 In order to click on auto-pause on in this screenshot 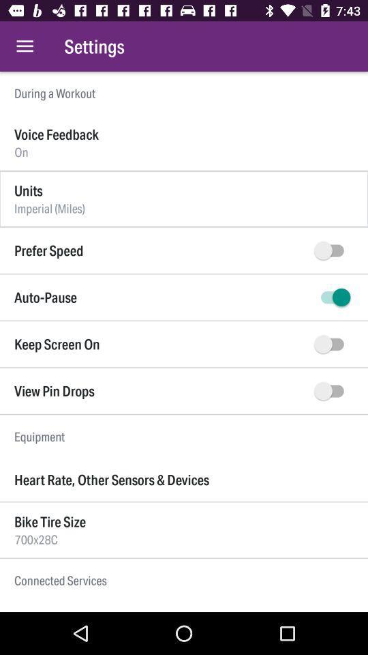, I will do `click(331, 297)`.